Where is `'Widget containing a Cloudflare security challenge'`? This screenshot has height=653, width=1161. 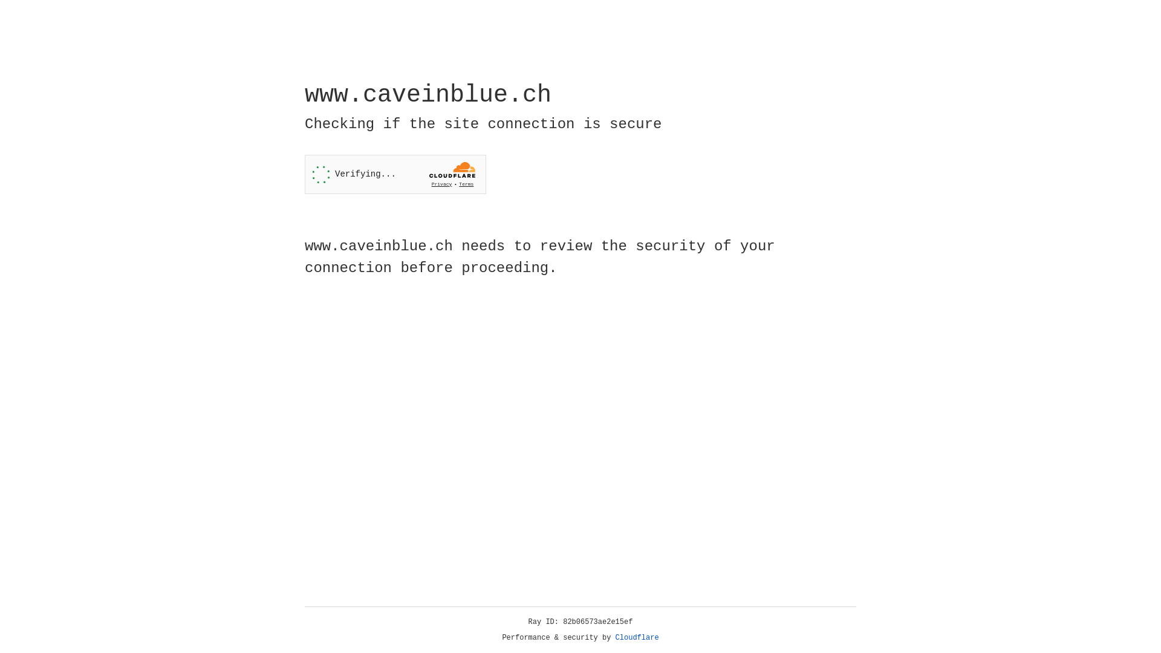 'Widget containing a Cloudflare security challenge' is located at coordinates (395, 174).